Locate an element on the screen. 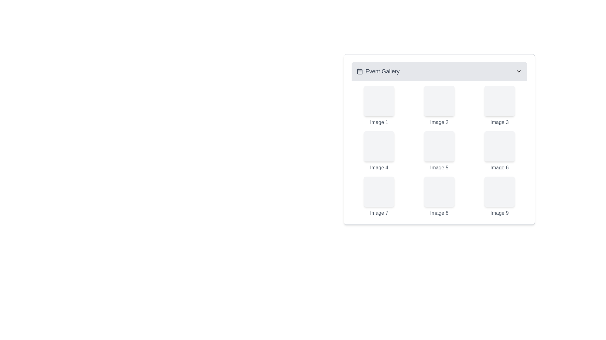  the gallery item labeled as 'Image 3', which is the third item is located at coordinates (499, 105).